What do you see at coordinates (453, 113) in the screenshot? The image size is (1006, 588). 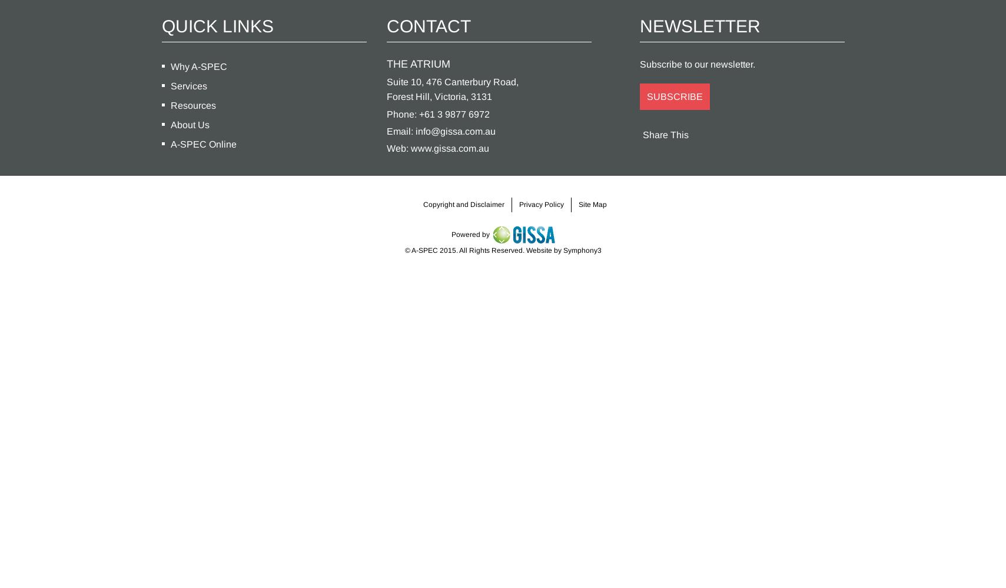 I see `'+61 3 9877 6972'` at bounding box center [453, 113].